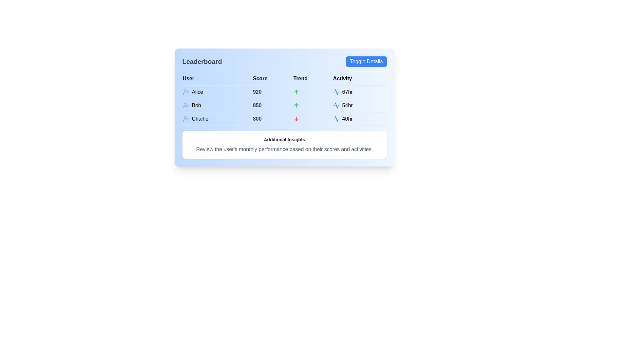  I want to click on the profile status icon with a checkmark that indicates verification, located to the left of the text 'Charlie' in the third row of the leaderboard table, so click(185, 119).